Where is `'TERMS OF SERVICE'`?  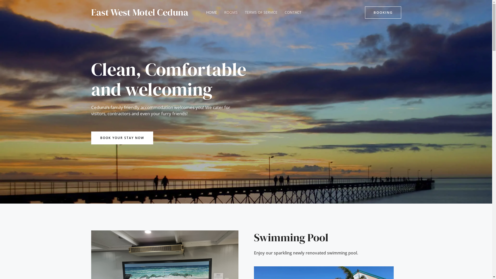 'TERMS OF SERVICE' is located at coordinates (261, 12).